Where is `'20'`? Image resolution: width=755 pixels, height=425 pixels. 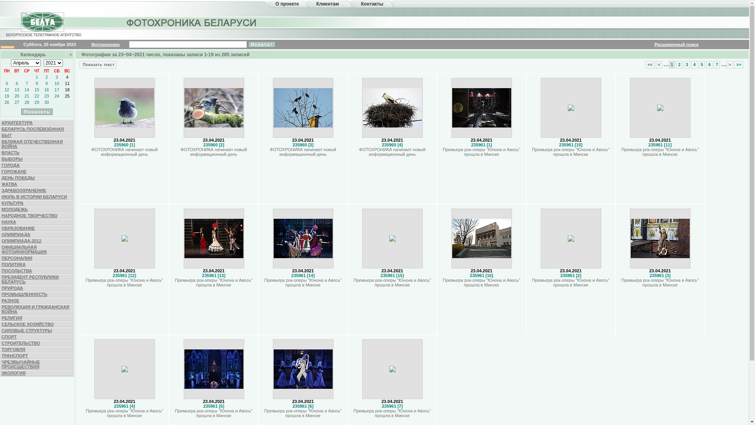
'20' is located at coordinates (17, 95).